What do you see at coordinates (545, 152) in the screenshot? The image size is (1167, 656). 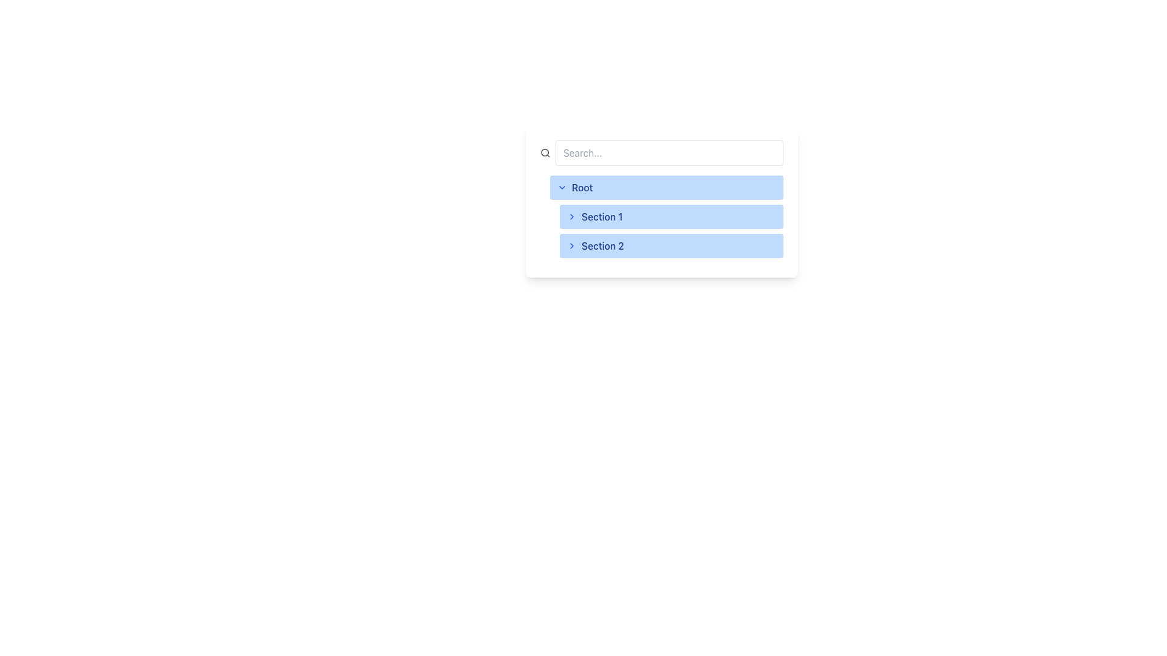 I see `the small minimalist magnifying glass icon located to the left of the search input box` at bounding box center [545, 152].